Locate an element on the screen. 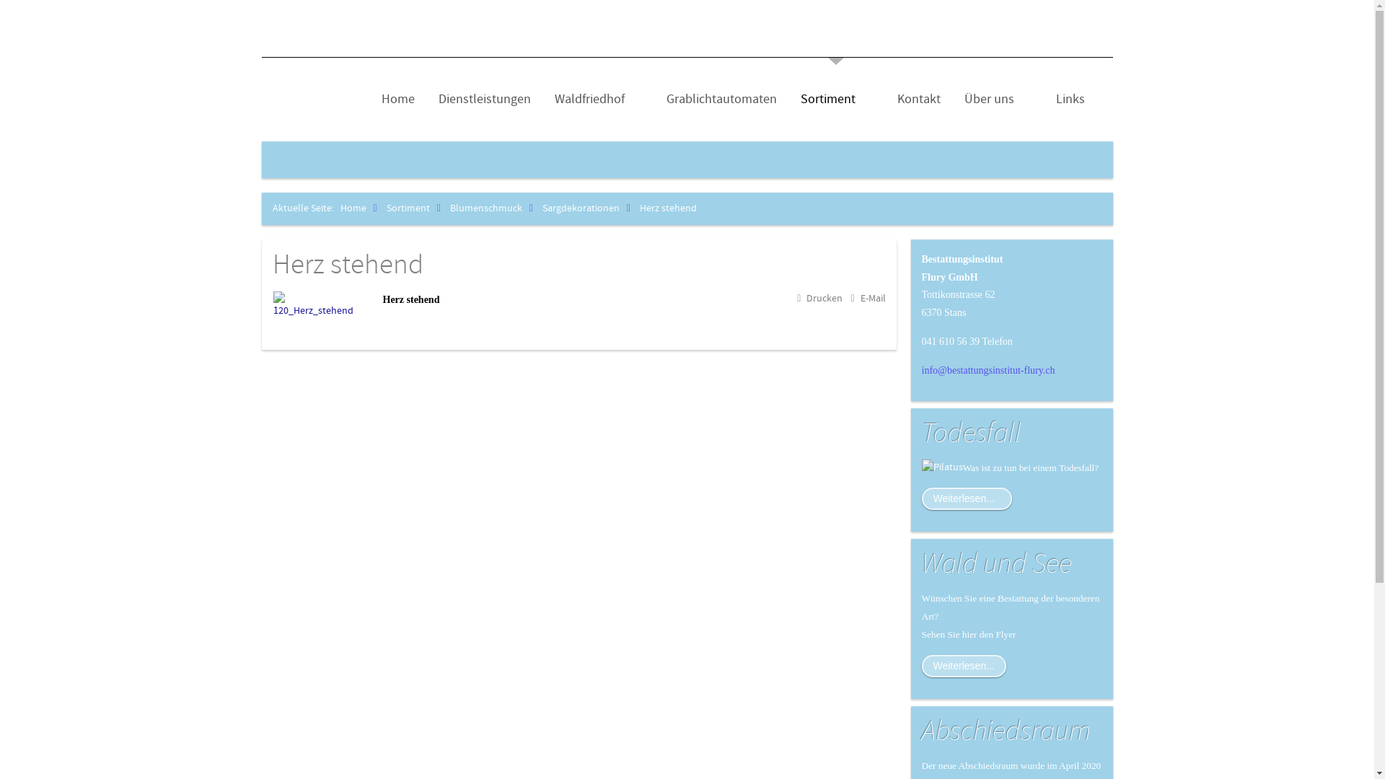 Image resolution: width=1385 pixels, height=779 pixels. 'Weiterlesen...  ' is located at coordinates (967, 498).